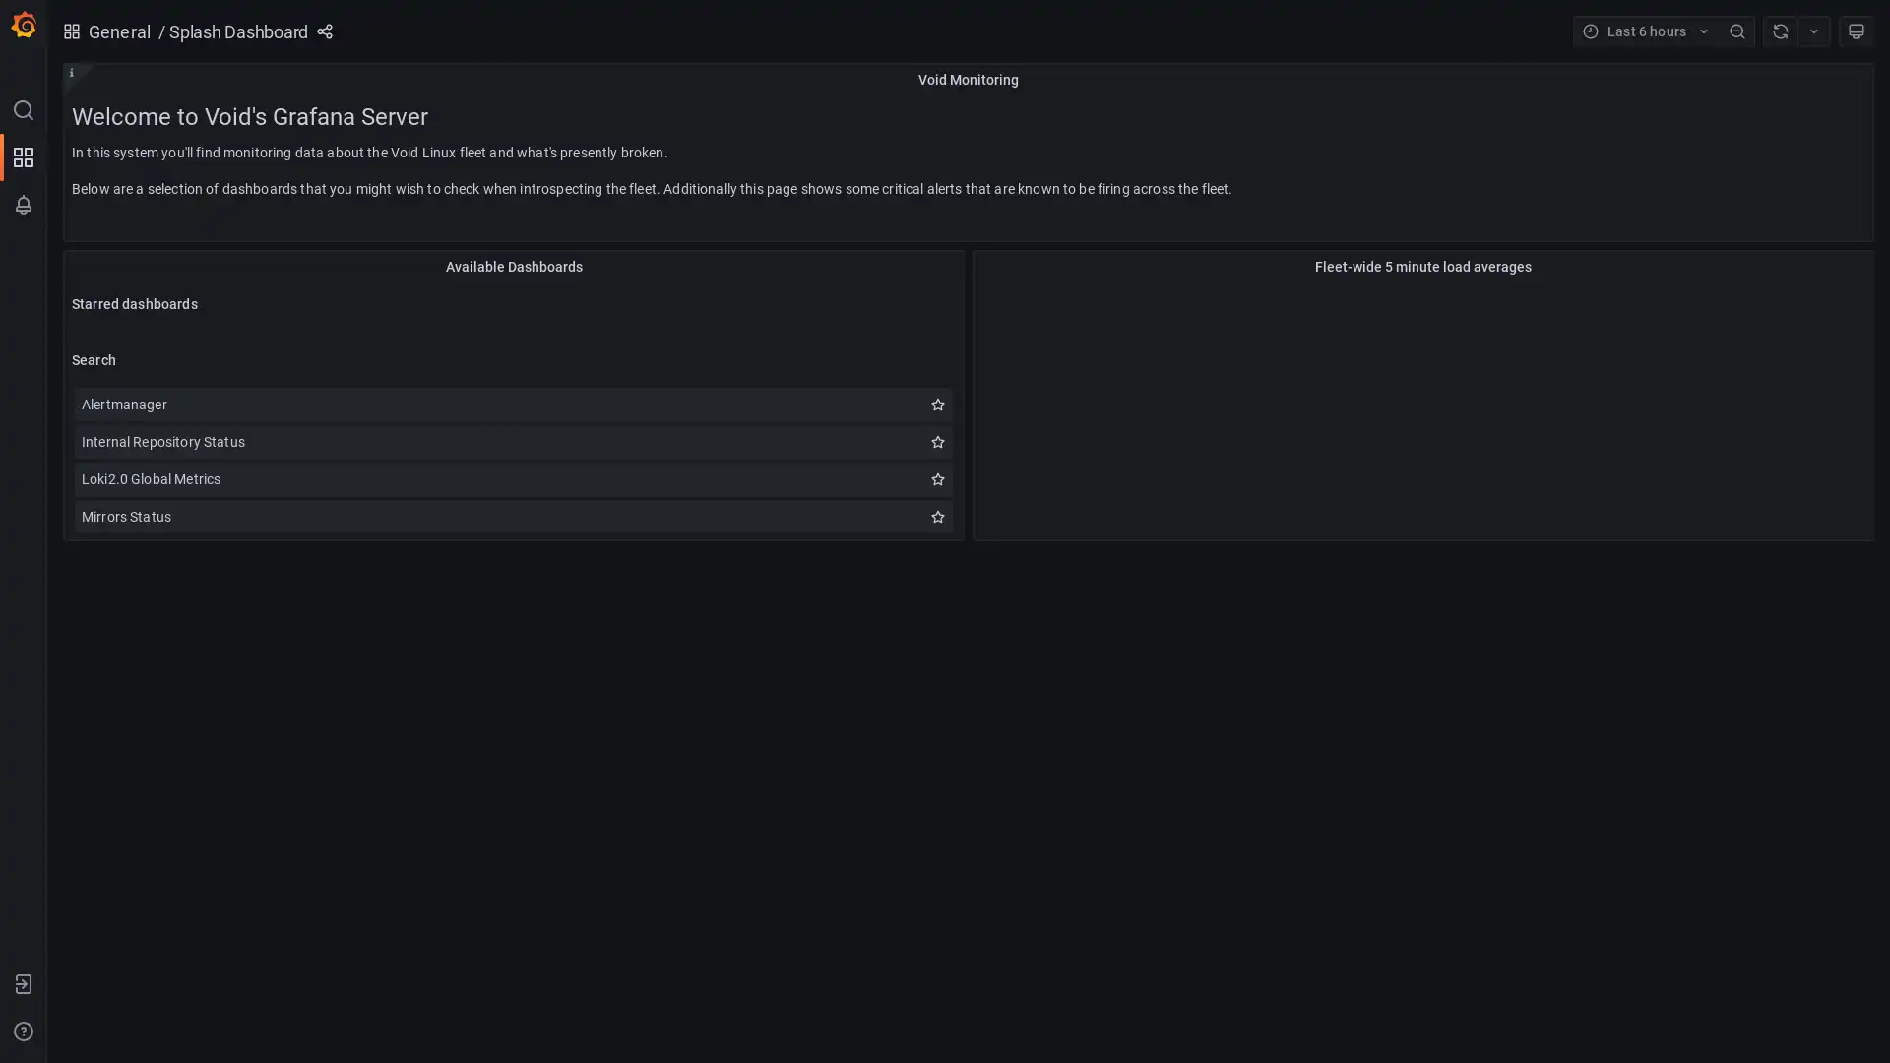  I want to click on Refresh dashboard, so click(1780, 31).